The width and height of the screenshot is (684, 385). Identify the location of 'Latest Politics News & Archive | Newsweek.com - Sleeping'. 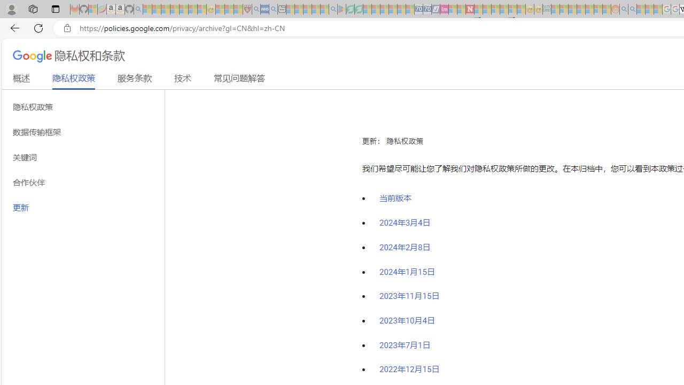
(470, 9).